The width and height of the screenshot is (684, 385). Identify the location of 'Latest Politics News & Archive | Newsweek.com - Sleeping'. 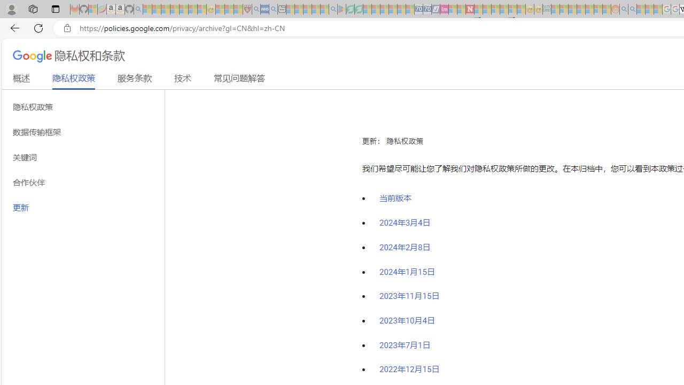
(470, 9).